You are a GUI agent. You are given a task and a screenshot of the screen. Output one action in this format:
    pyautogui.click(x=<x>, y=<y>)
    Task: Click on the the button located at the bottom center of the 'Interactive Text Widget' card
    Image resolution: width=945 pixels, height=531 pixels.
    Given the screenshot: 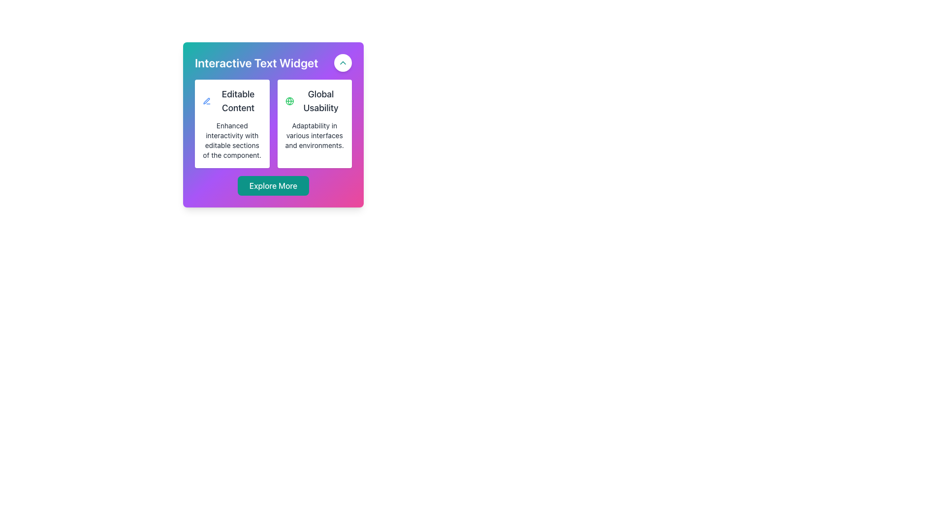 What is the action you would take?
    pyautogui.click(x=273, y=186)
    